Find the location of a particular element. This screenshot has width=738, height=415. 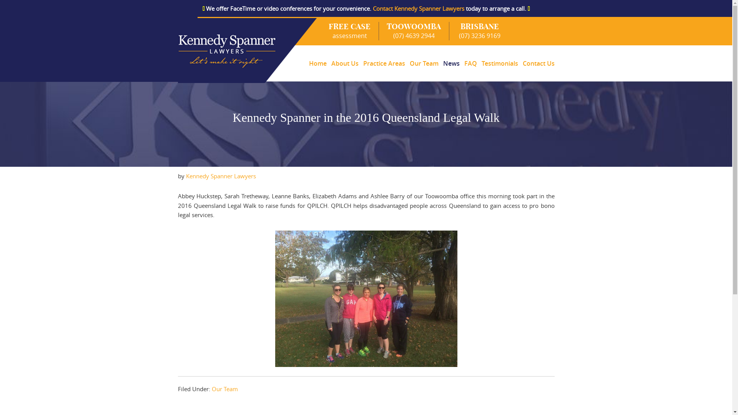

'FREE CASE is located at coordinates (321, 31).